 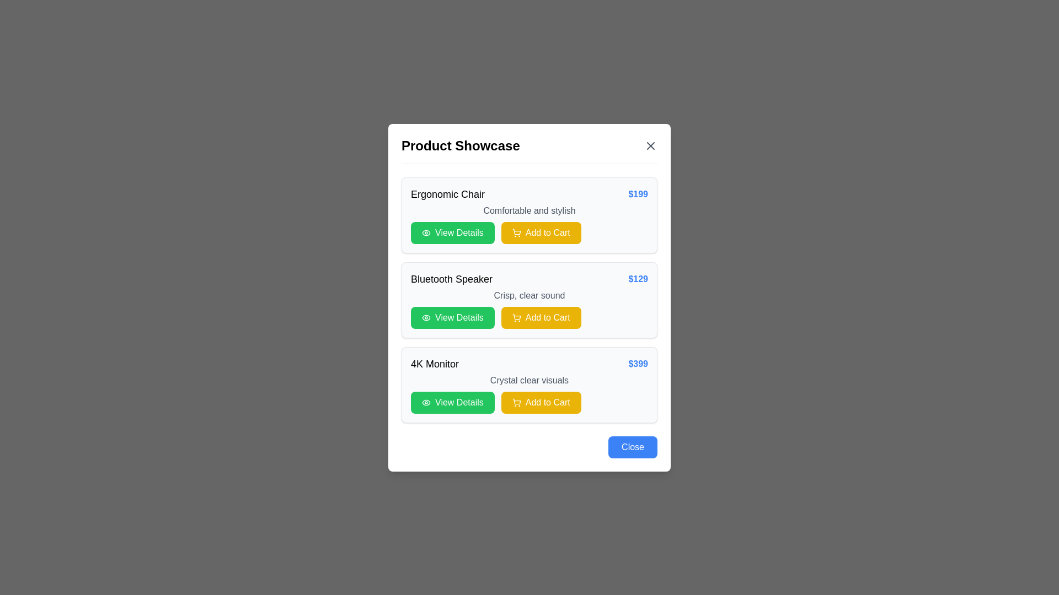 I want to click on the price display text label for the '4K Monitor' product, which is positioned to the right of the item description and pricing area, so click(x=638, y=364).